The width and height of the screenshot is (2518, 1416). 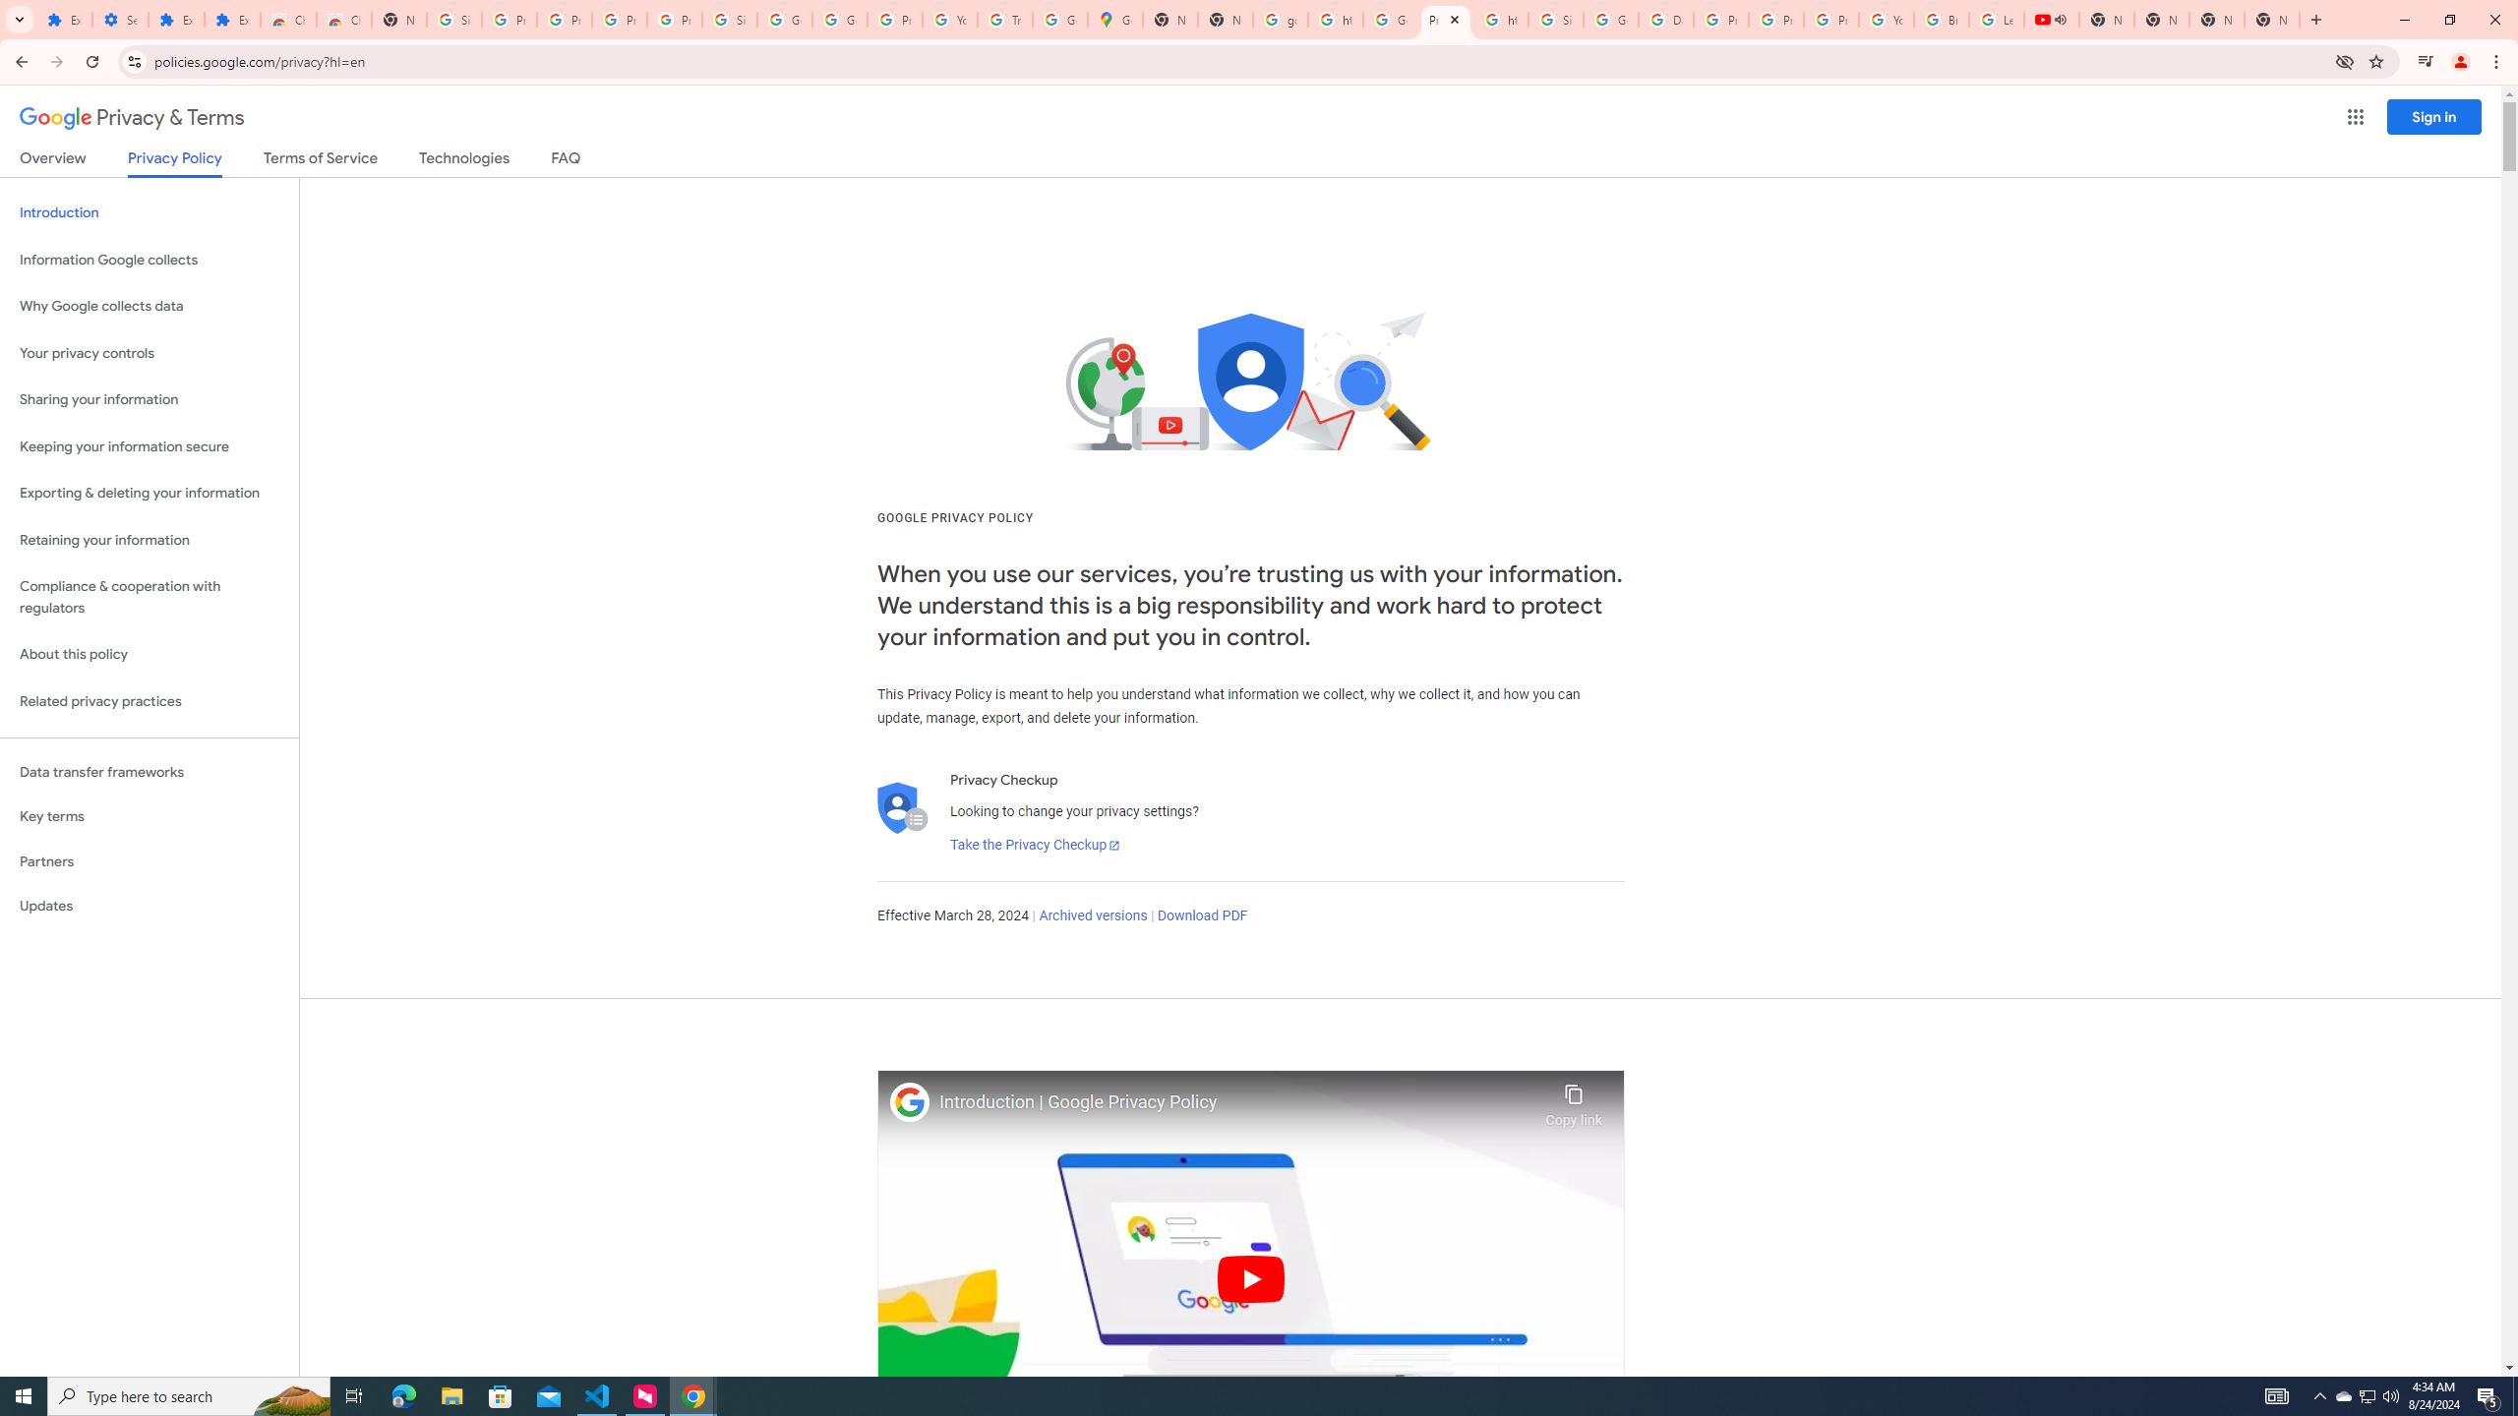 I want to click on 'Extensions', so click(x=64, y=19).